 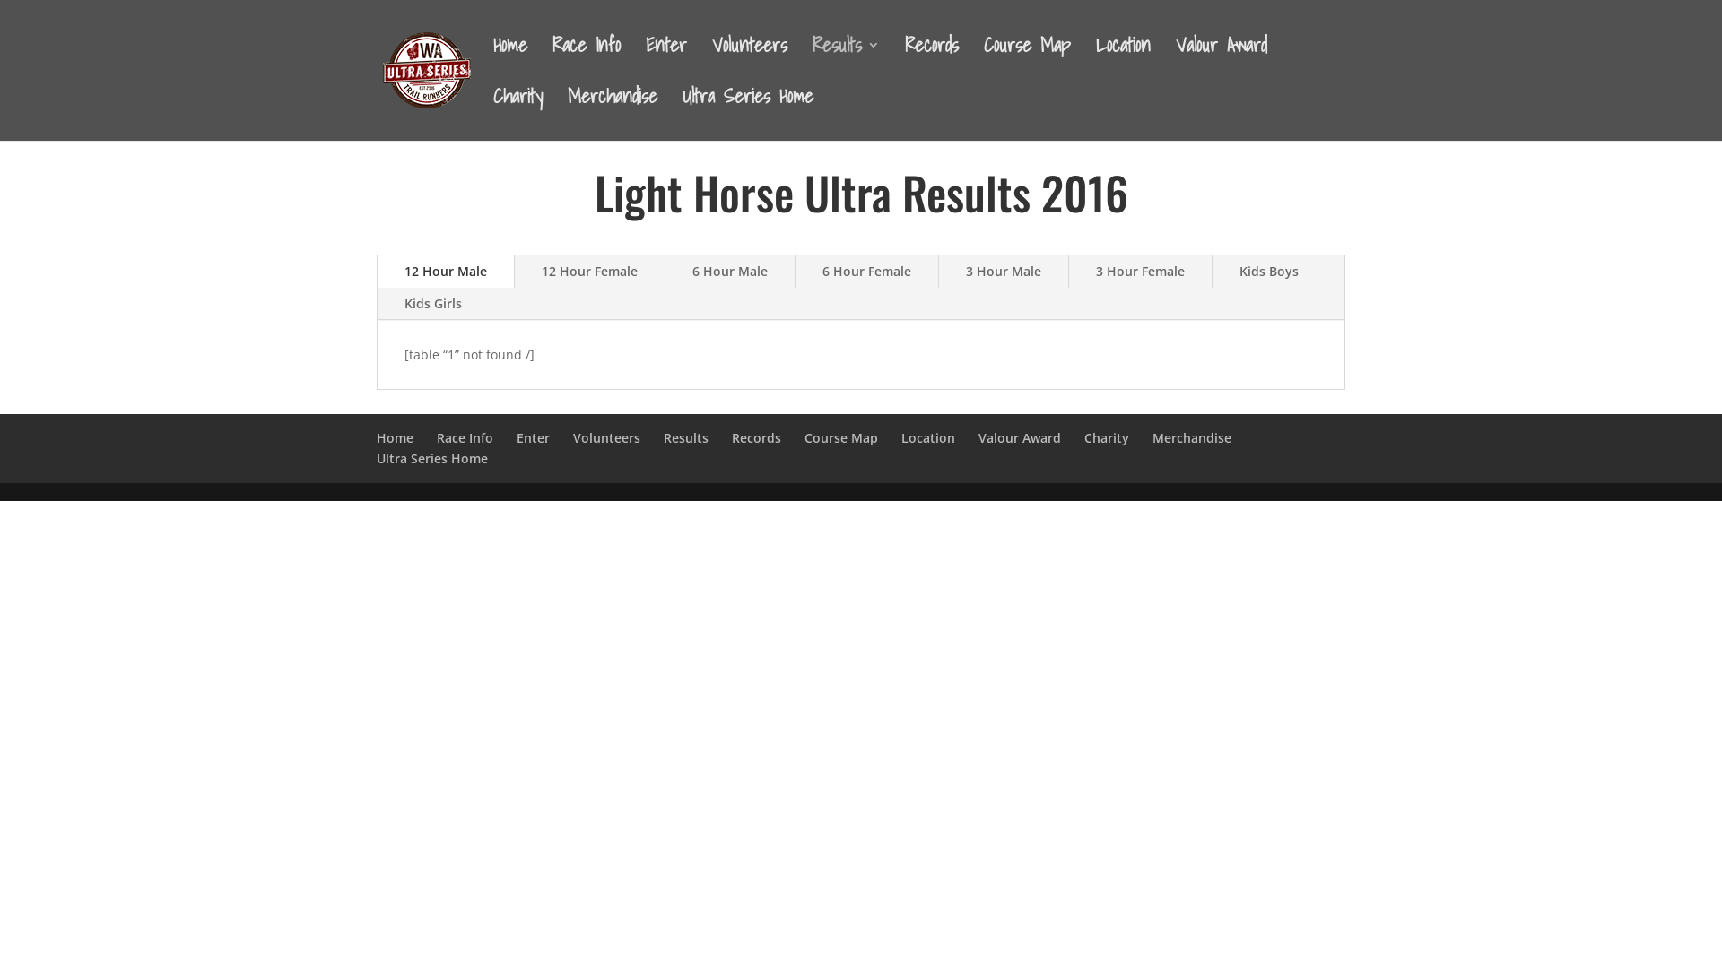 What do you see at coordinates (1139, 272) in the screenshot?
I see `'3 Hour Female'` at bounding box center [1139, 272].